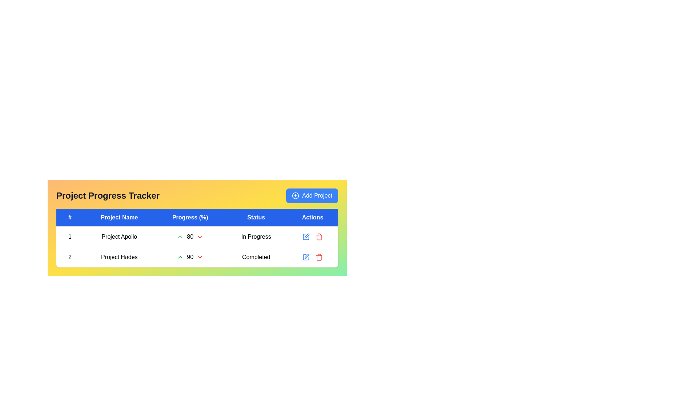  What do you see at coordinates (197, 217) in the screenshot?
I see `the Table Header Row of the 'Project Progress Tracker'` at bounding box center [197, 217].